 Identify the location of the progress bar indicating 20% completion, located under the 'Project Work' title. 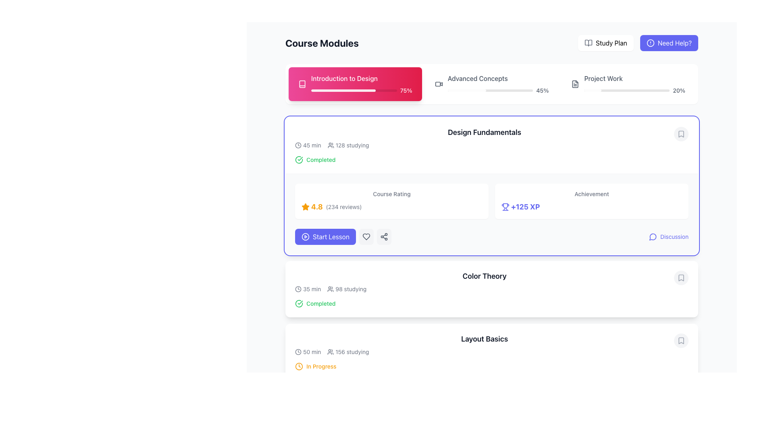
(634, 90).